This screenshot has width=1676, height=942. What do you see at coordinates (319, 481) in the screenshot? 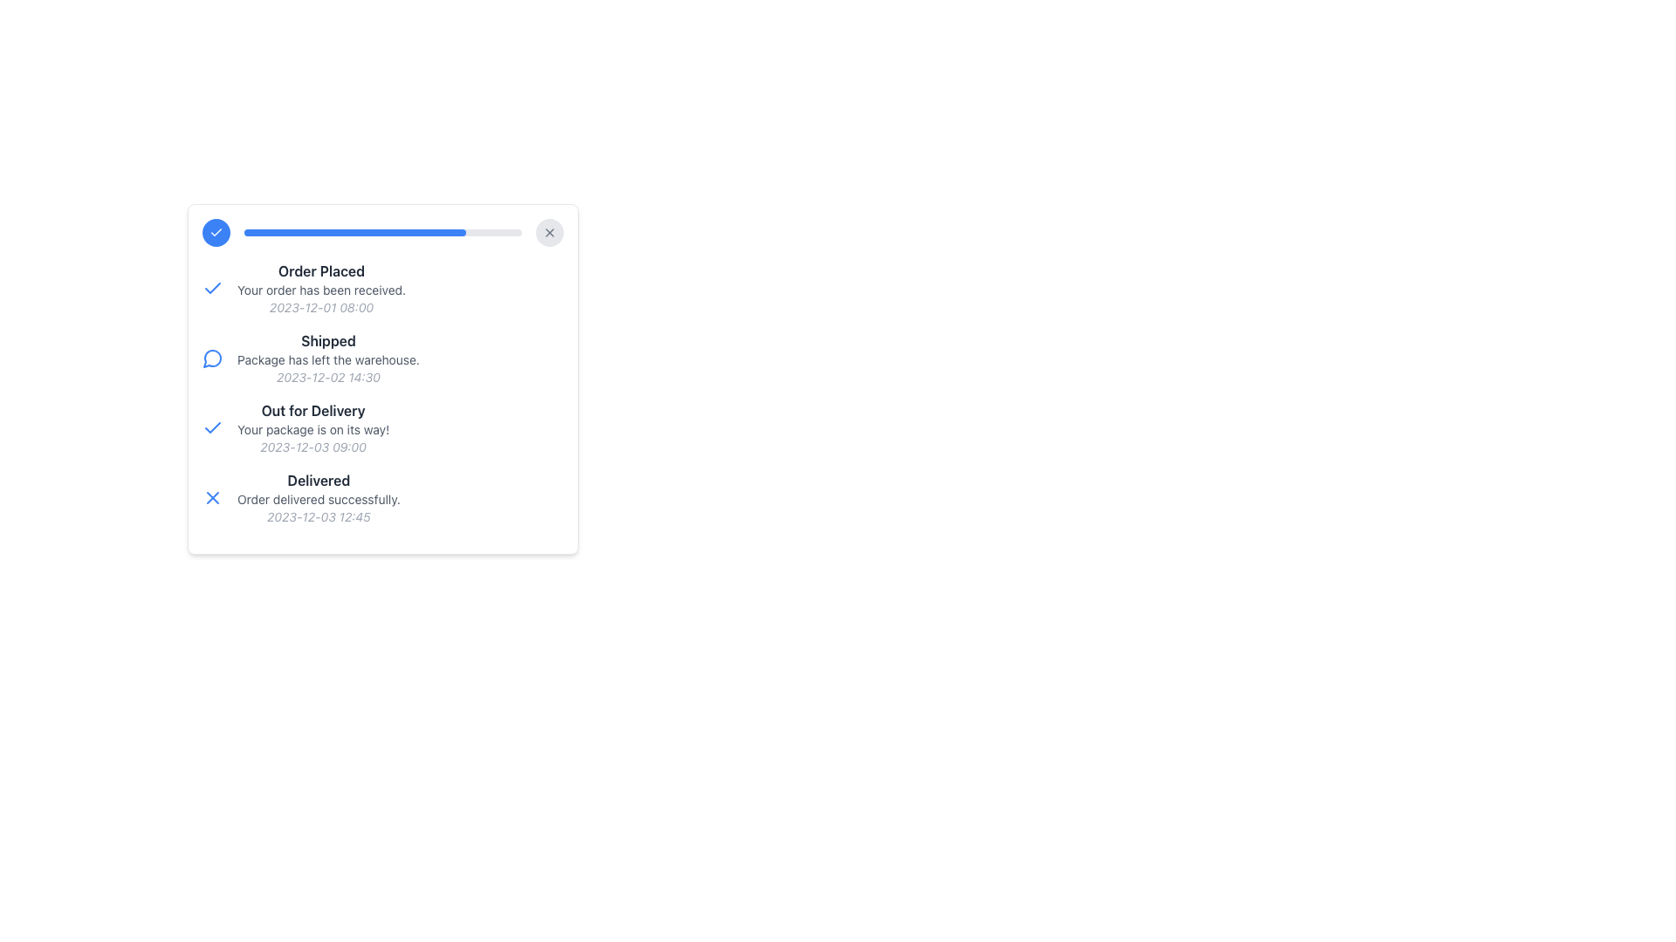
I see `the delivery status text label that indicates the delivery process, located at the bottom of the status tracker list` at bounding box center [319, 481].